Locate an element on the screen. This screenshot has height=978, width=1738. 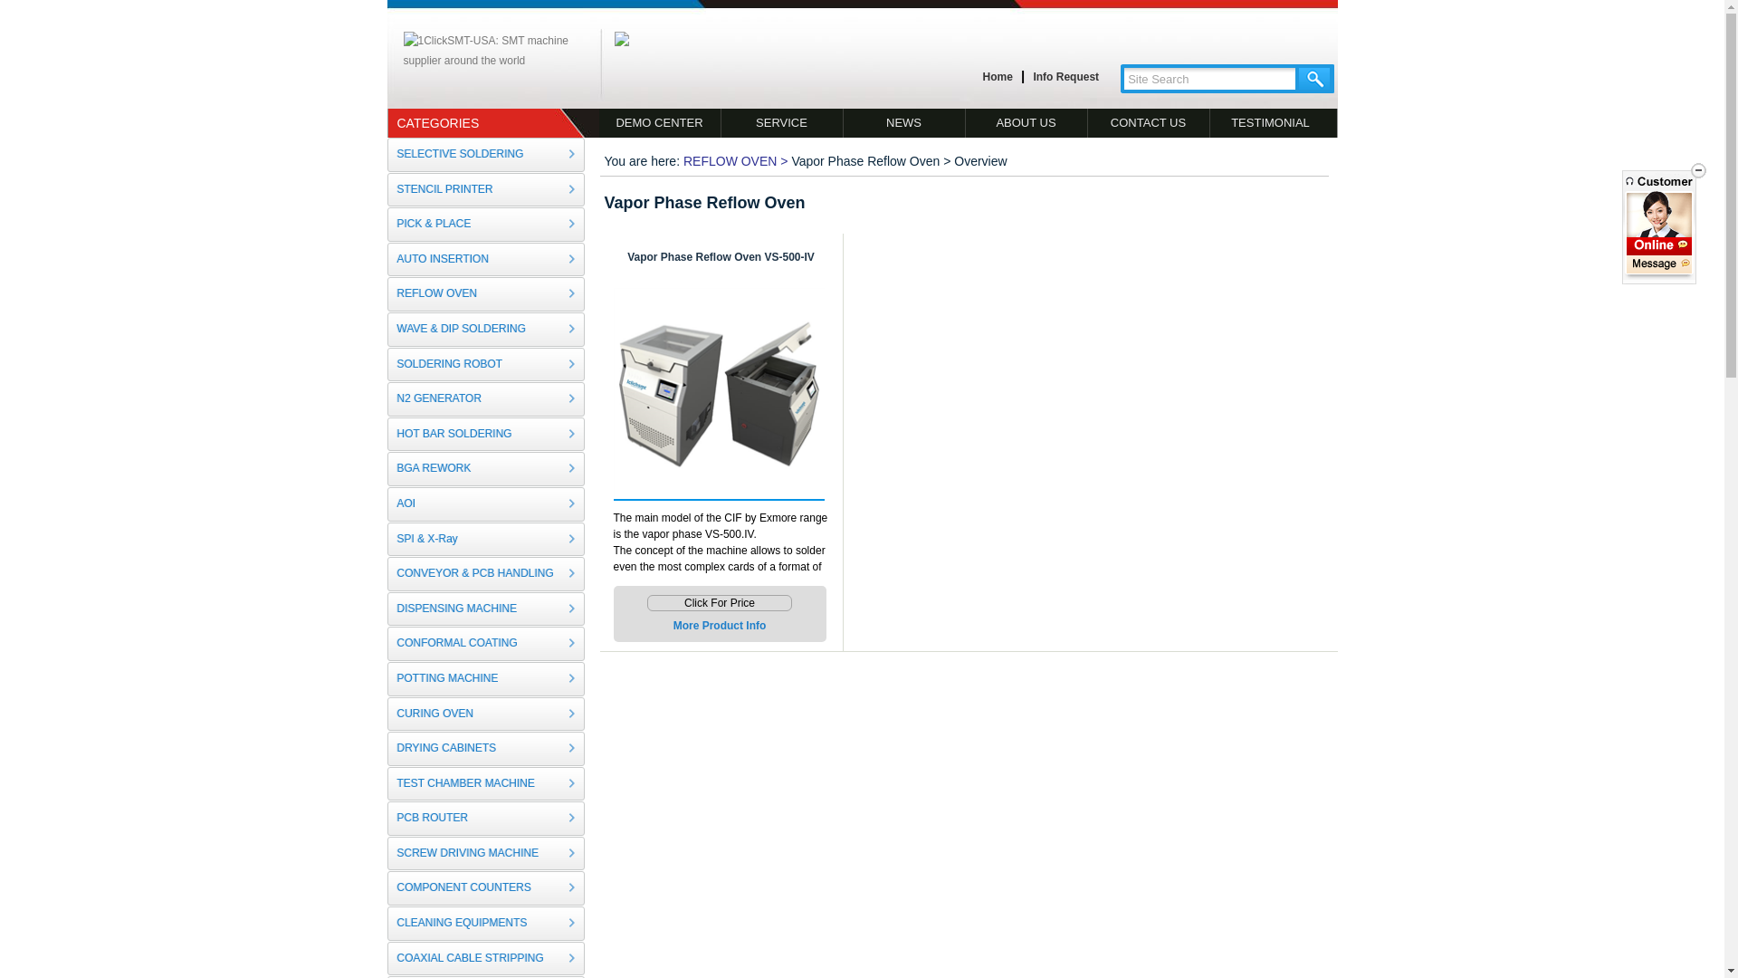
'SOLDERING ROBOT' is located at coordinates (486, 364).